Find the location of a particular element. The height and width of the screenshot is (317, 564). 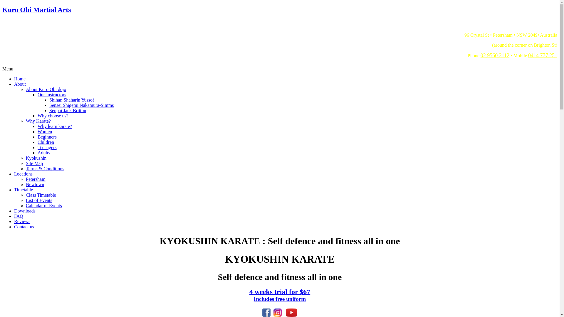

'Home' is located at coordinates (20, 78).